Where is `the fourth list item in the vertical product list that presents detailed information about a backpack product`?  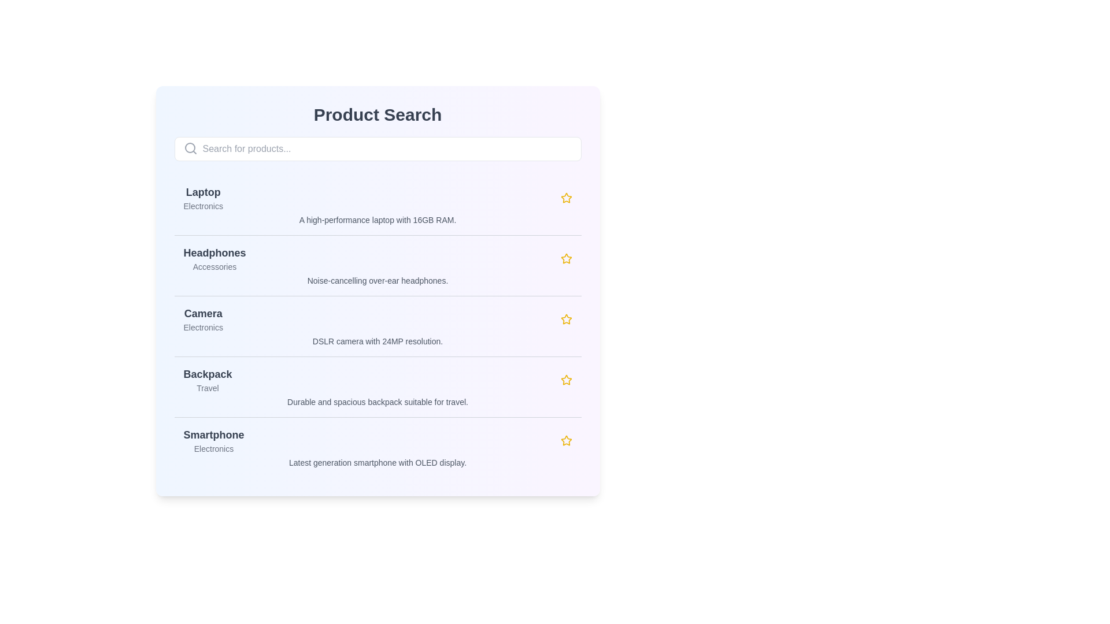
the fourth list item in the vertical product list that presents detailed information about a backpack product is located at coordinates (378, 387).